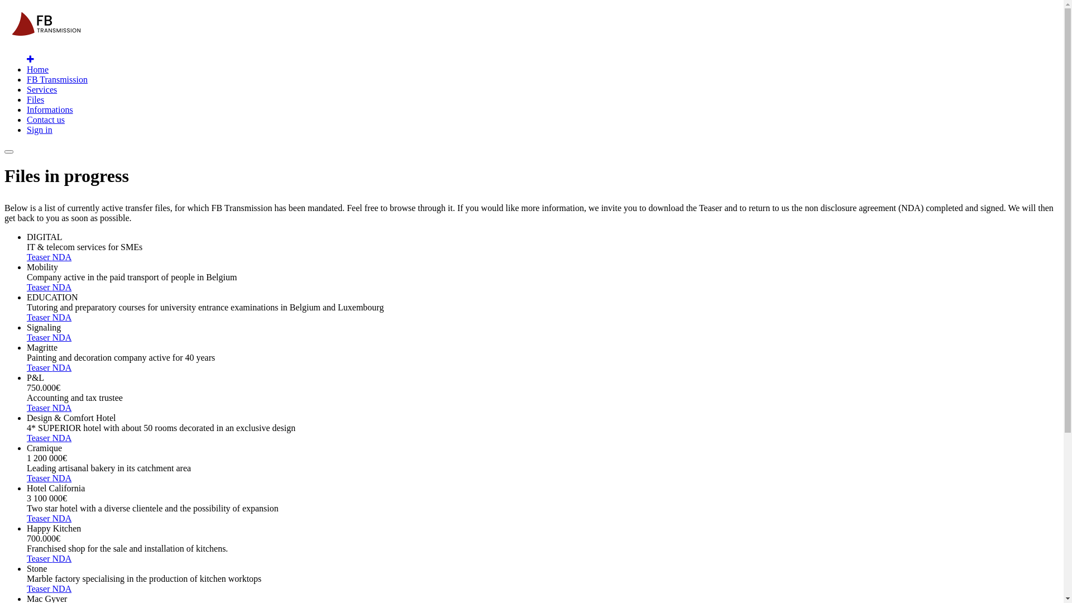 The width and height of the screenshot is (1072, 603). What do you see at coordinates (61, 408) in the screenshot?
I see `'NDA'` at bounding box center [61, 408].